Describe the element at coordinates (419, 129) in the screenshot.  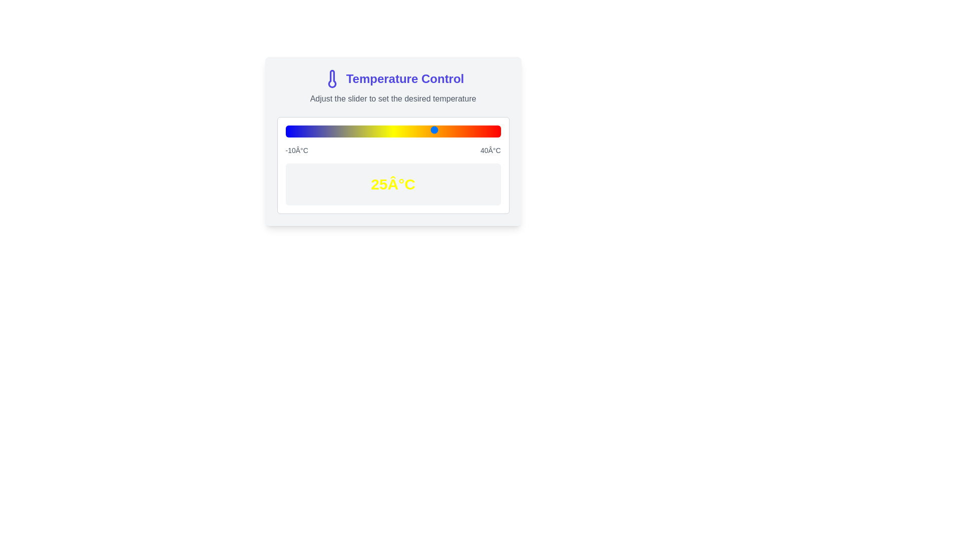
I see `the slider to set the temperature to 21°C` at that location.